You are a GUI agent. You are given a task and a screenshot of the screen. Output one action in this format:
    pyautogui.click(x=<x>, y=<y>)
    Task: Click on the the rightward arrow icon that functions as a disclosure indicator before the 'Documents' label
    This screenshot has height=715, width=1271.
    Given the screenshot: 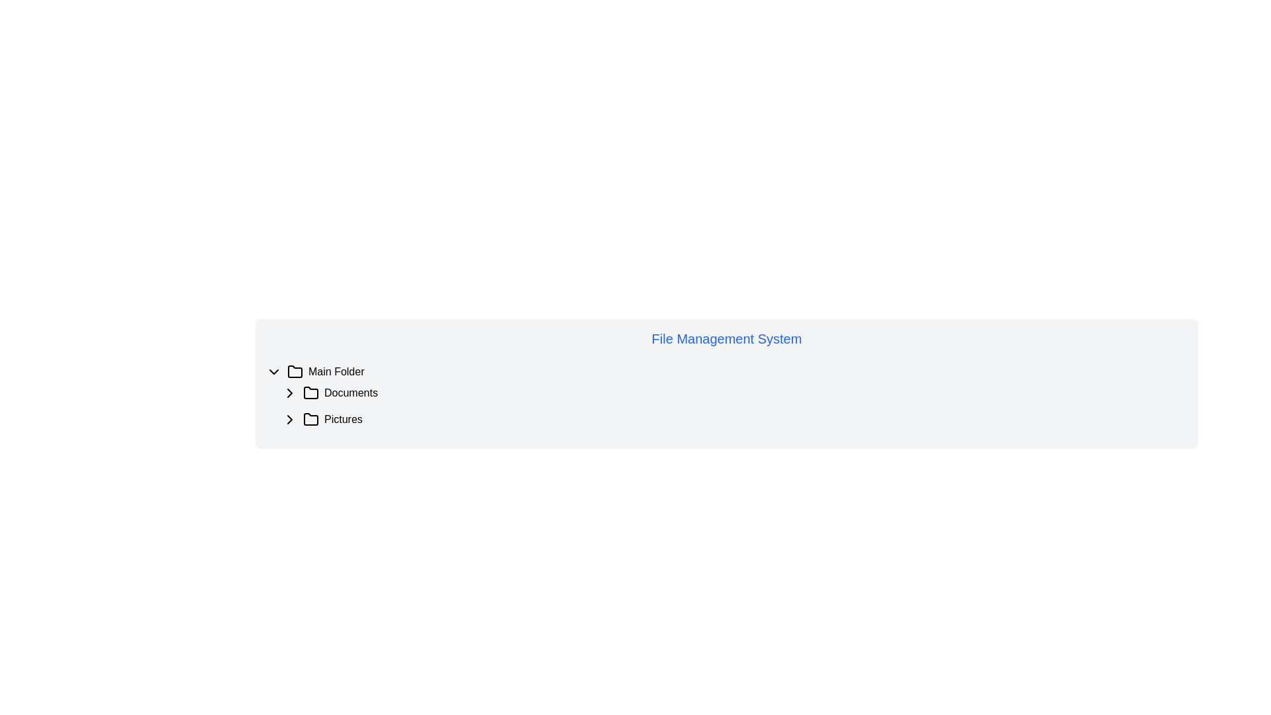 What is the action you would take?
    pyautogui.click(x=289, y=393)
    